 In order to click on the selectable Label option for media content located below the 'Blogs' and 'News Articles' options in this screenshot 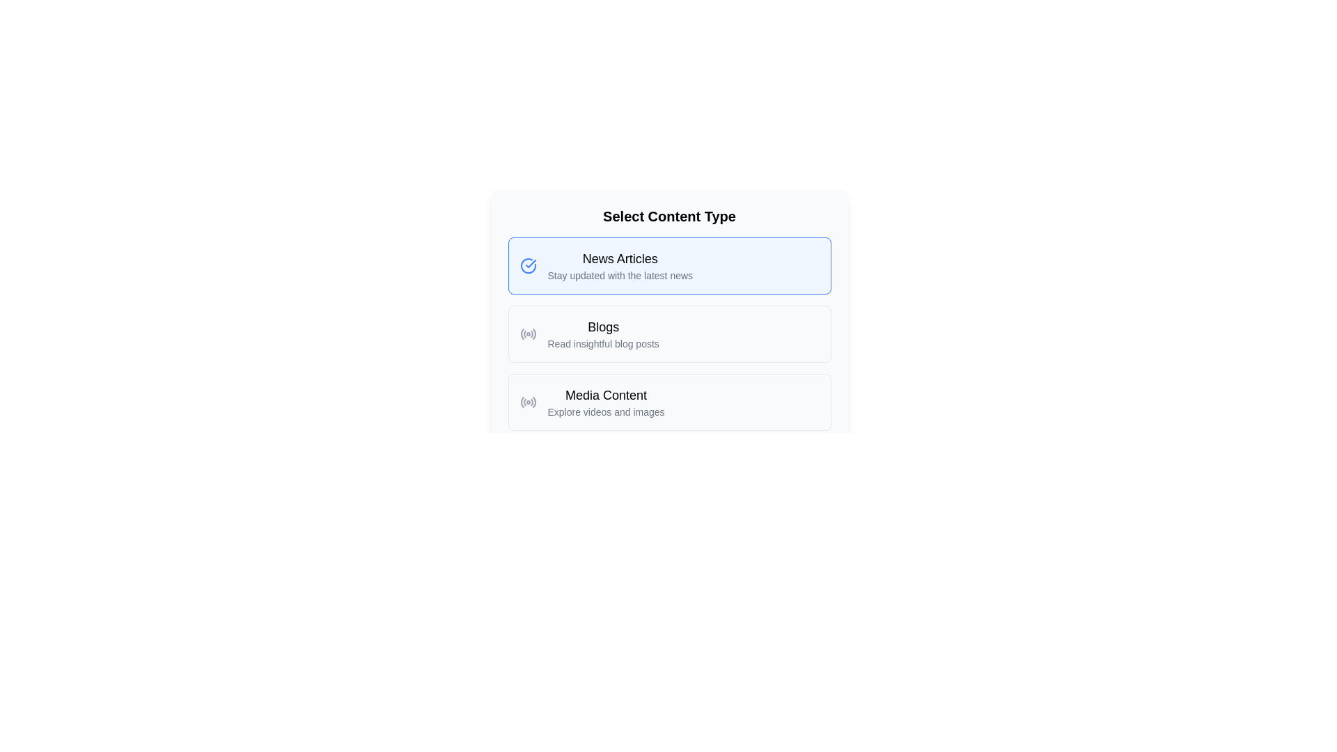, I will do `click(606, 402)`.